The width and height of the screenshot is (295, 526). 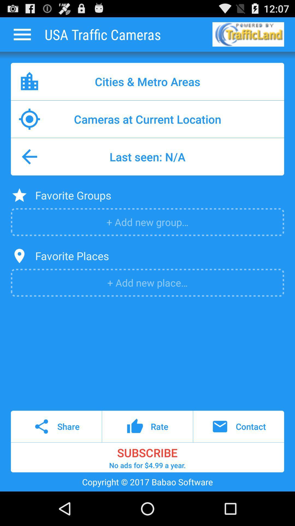 What do you see at coordinates (103, 34) in the screenshot?
I see `the usa traffic cameras item` at bounding box center [103, 34].